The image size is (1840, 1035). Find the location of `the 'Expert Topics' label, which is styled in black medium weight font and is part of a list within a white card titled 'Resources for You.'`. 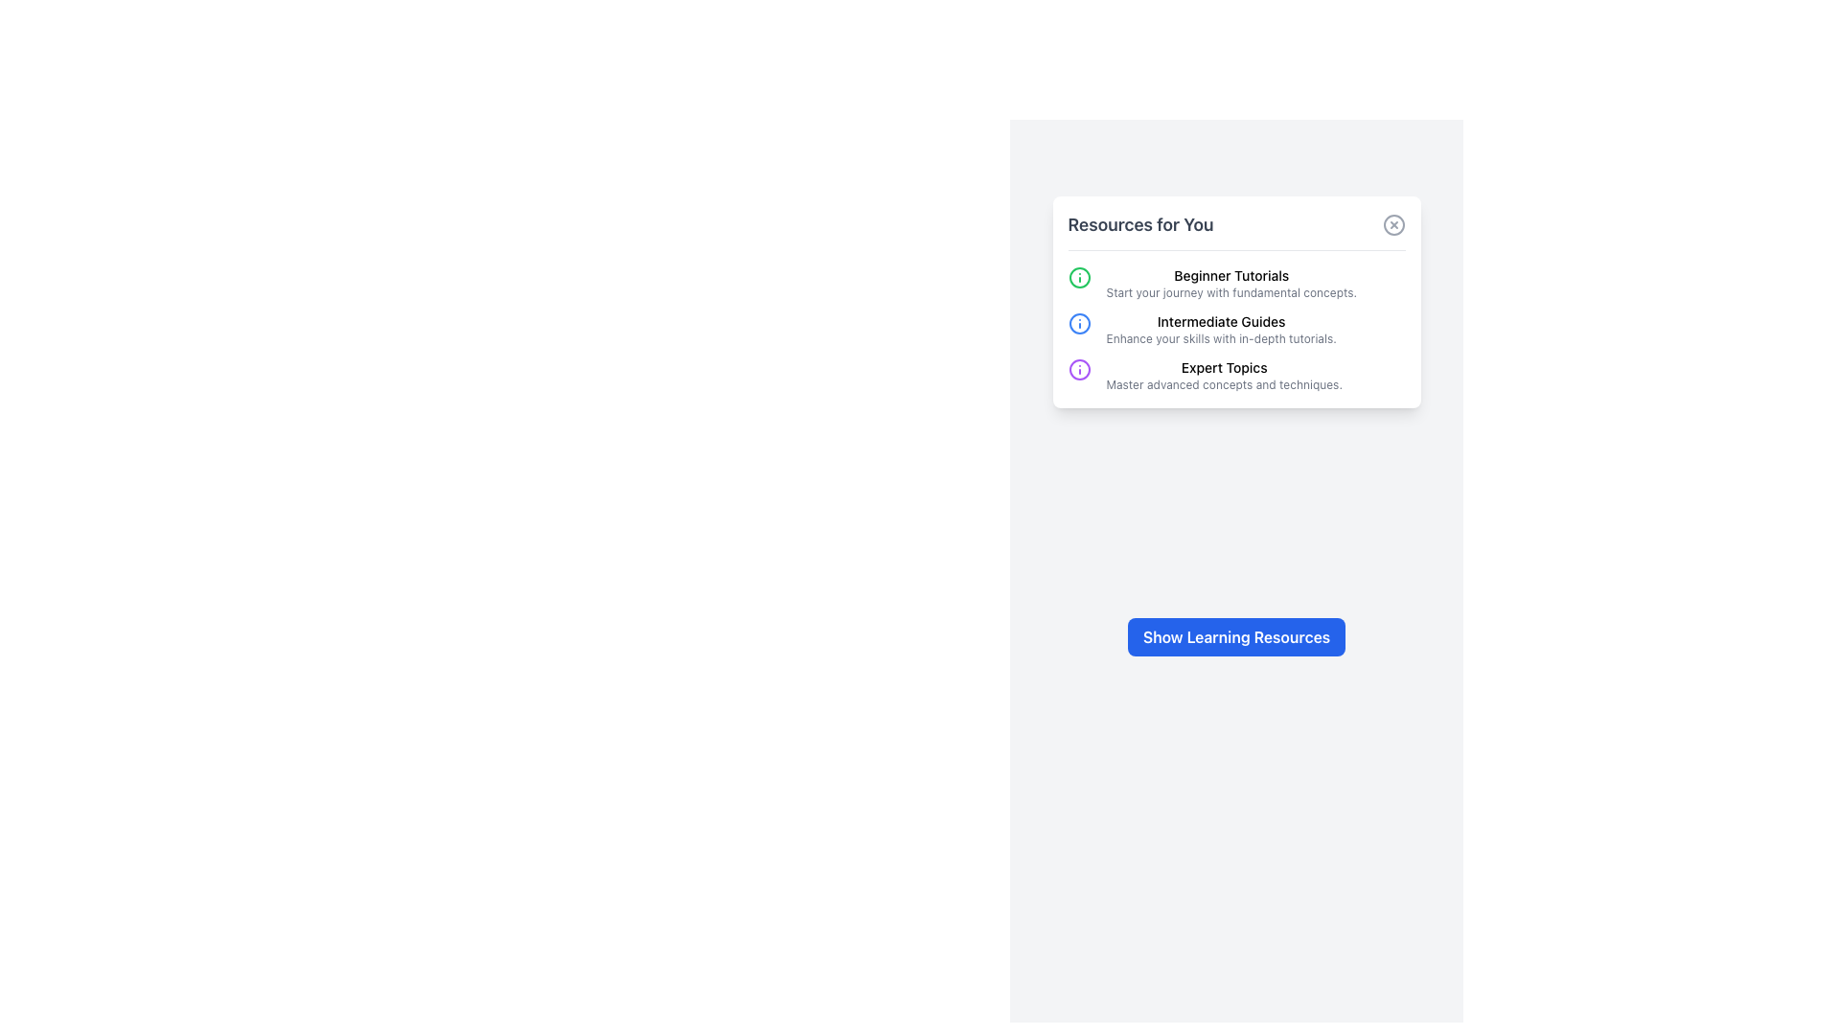

the 'Expert Topics' label, which is styled in black medium weight font and is part of a list within a white card titled 'Resources for You.' is located at coordinates (1223, 368).